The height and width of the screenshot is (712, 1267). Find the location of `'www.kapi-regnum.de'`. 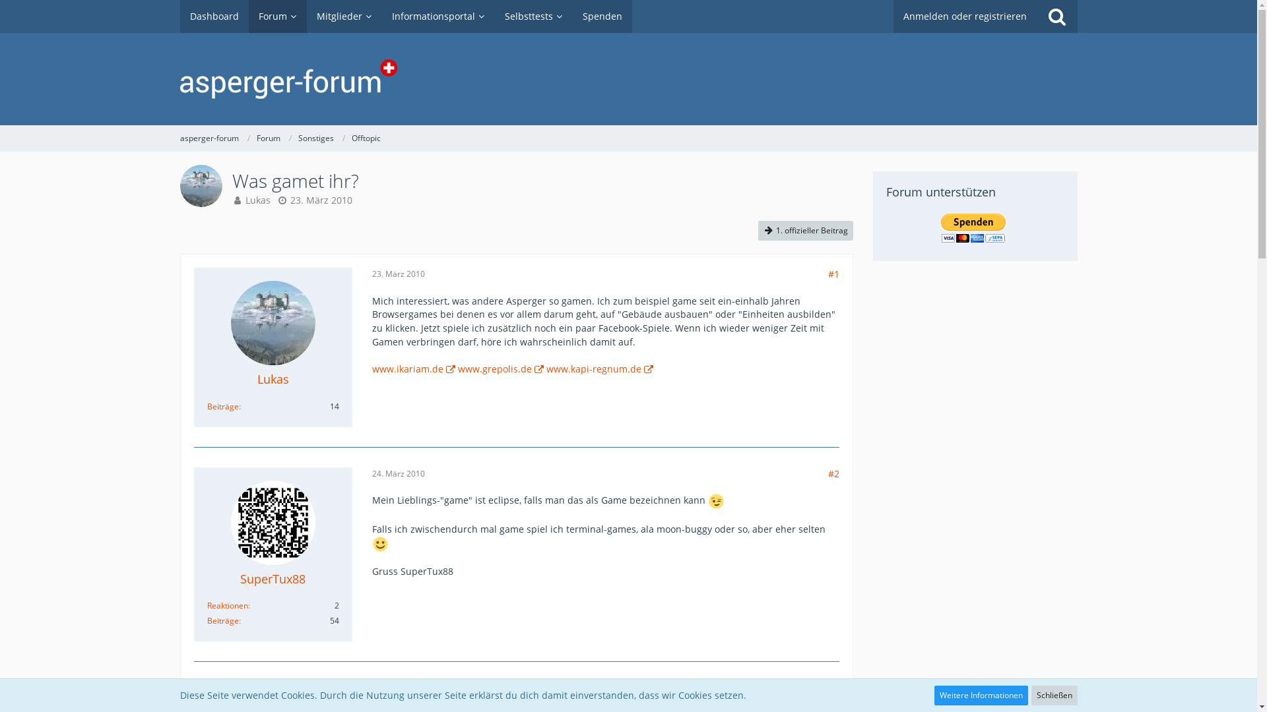

'www.kapi-regnum.de' is located at coordinates (546, 369).